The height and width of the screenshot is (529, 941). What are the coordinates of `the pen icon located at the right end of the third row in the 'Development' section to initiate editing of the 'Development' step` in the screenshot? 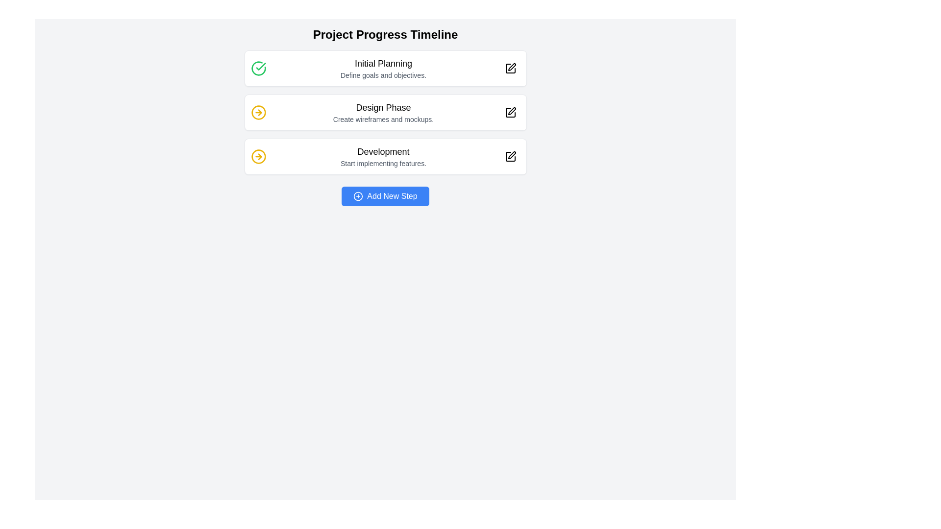 It's located at (510, 156).